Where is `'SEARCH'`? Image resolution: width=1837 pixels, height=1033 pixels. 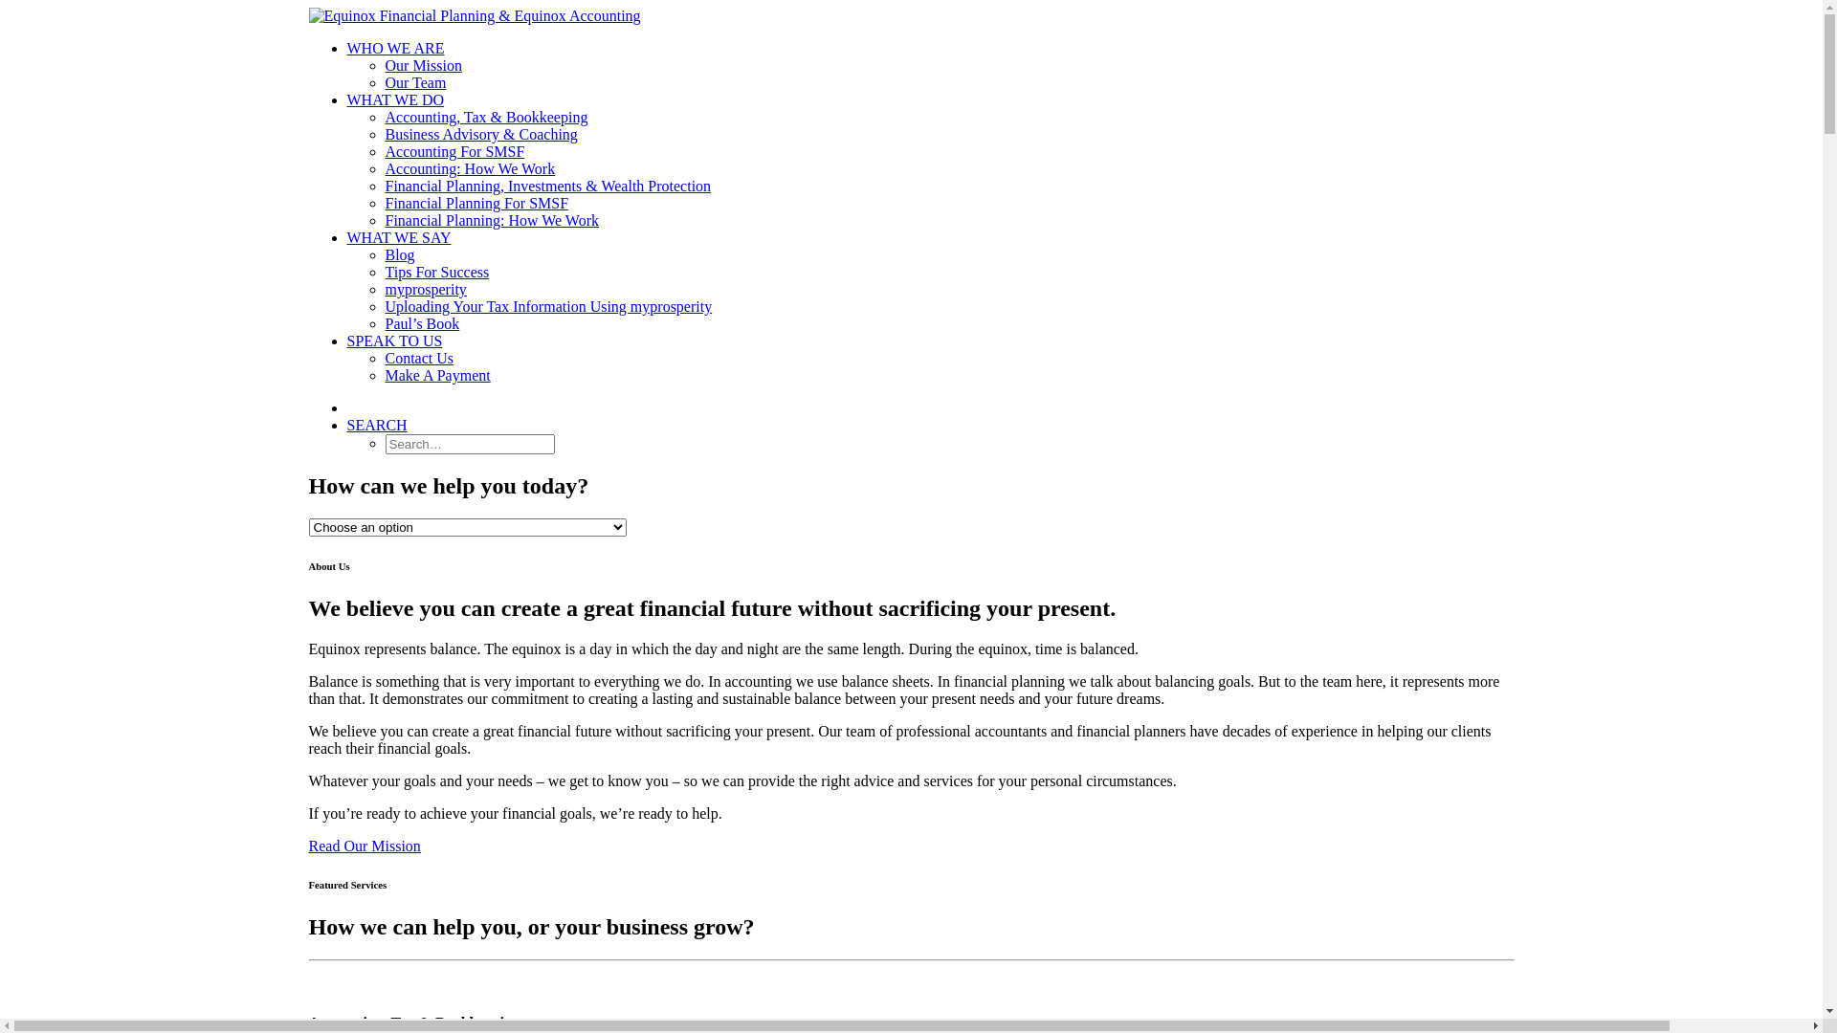
'SEARCH' is located at coordinates (376, 424).